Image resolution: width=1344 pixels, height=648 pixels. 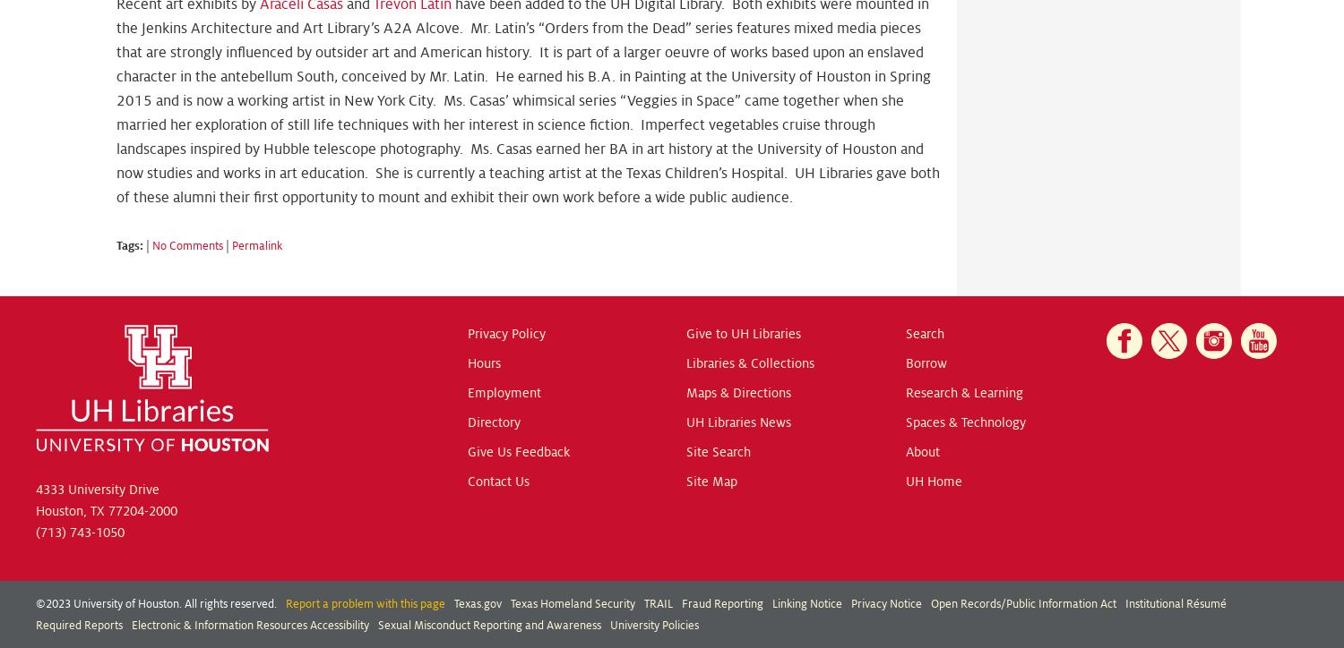 I want to click on 'About', so click(x=922, y=450).